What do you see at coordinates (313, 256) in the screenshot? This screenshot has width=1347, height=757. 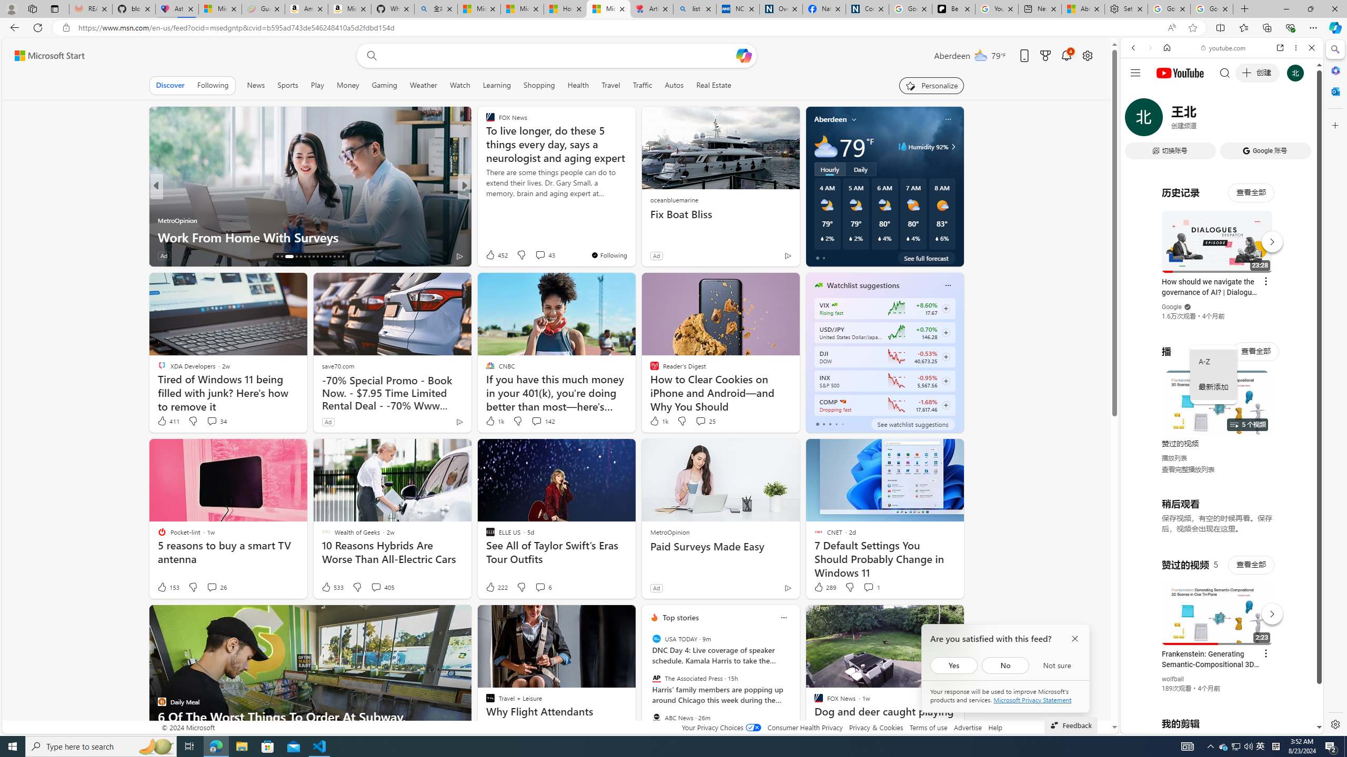 I see `'AutomationID: tab-23'` at bounding box center [313, 256].